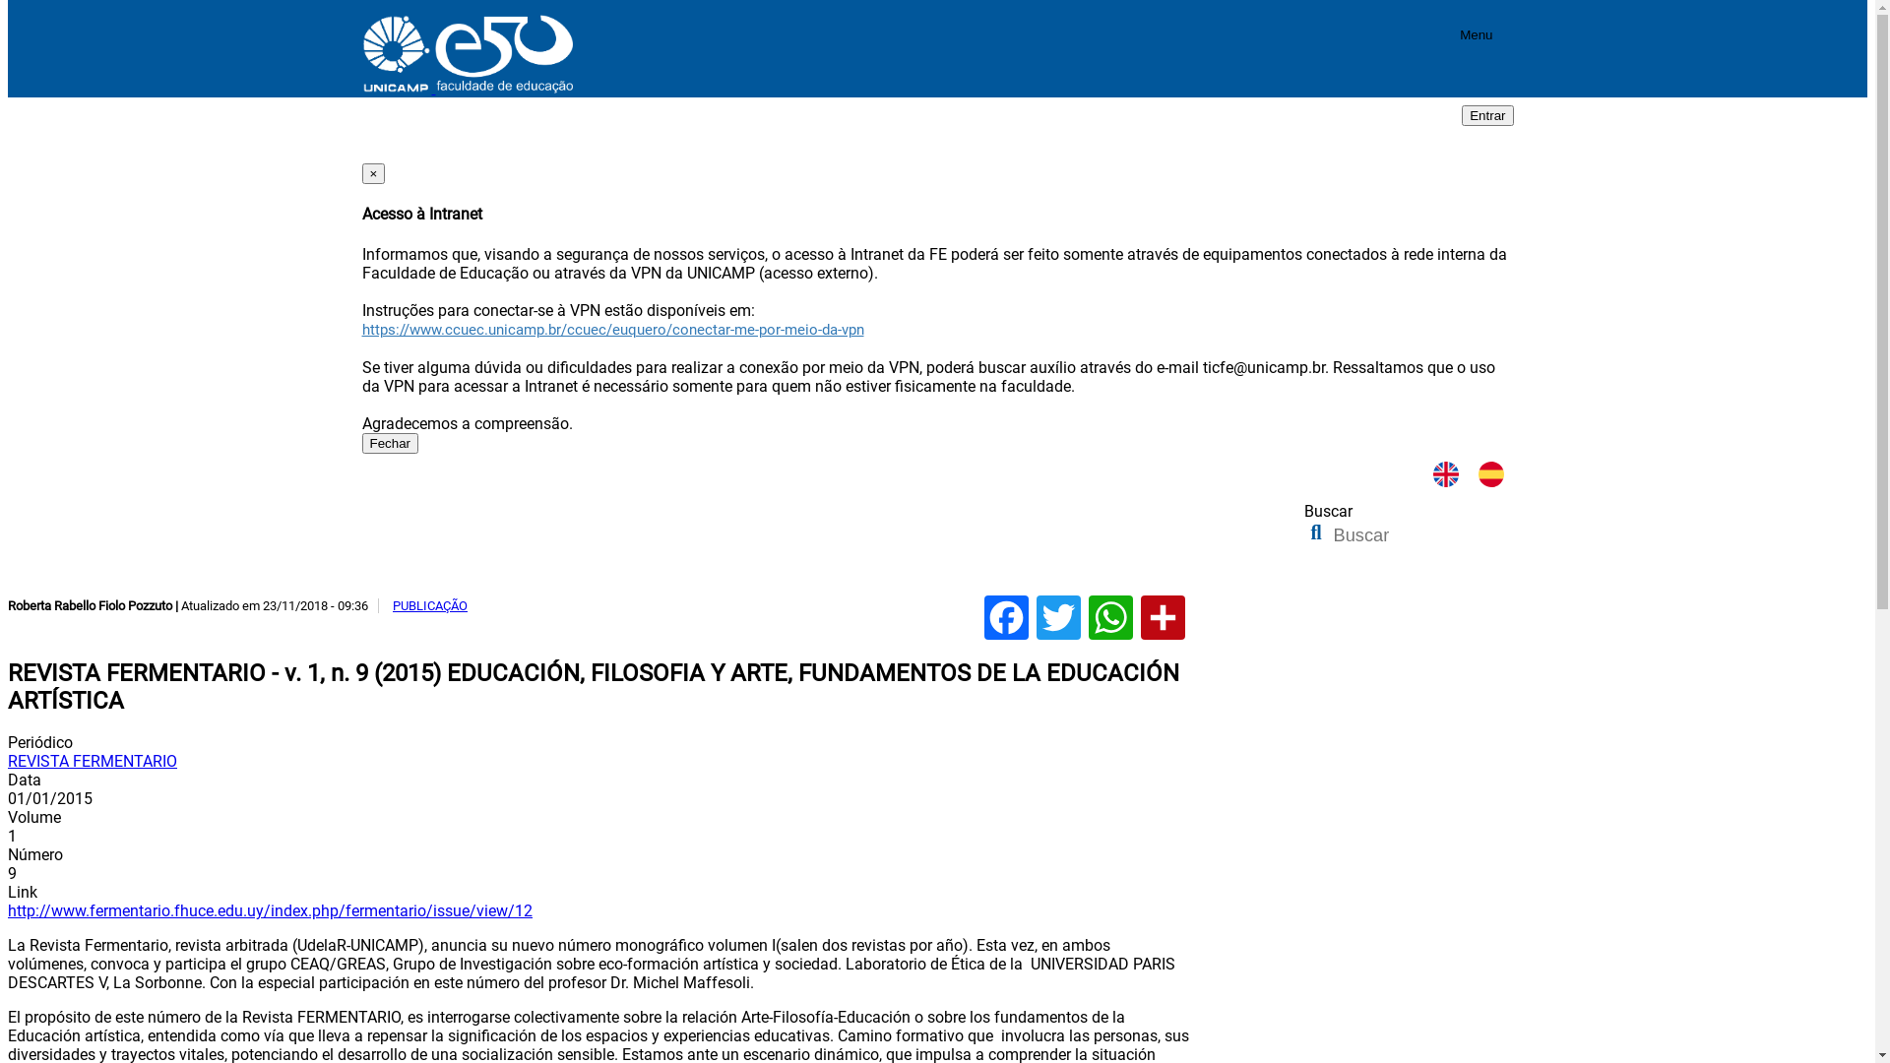 This screenshot has height=1063, width=1890. Describe the element at coordinates (390, 443) in the screenshot. I see `'Fechar'` at that location.